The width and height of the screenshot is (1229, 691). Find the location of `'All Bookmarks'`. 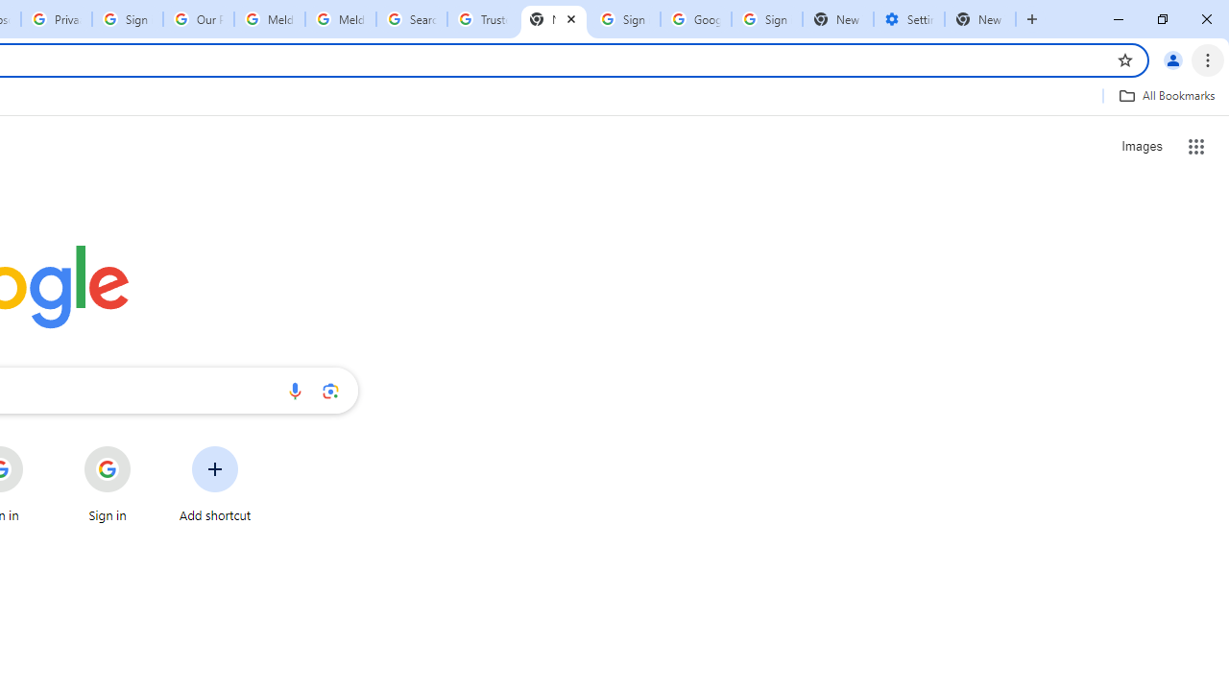

'All Bookmarks' is located at coordinates (1166, 95).